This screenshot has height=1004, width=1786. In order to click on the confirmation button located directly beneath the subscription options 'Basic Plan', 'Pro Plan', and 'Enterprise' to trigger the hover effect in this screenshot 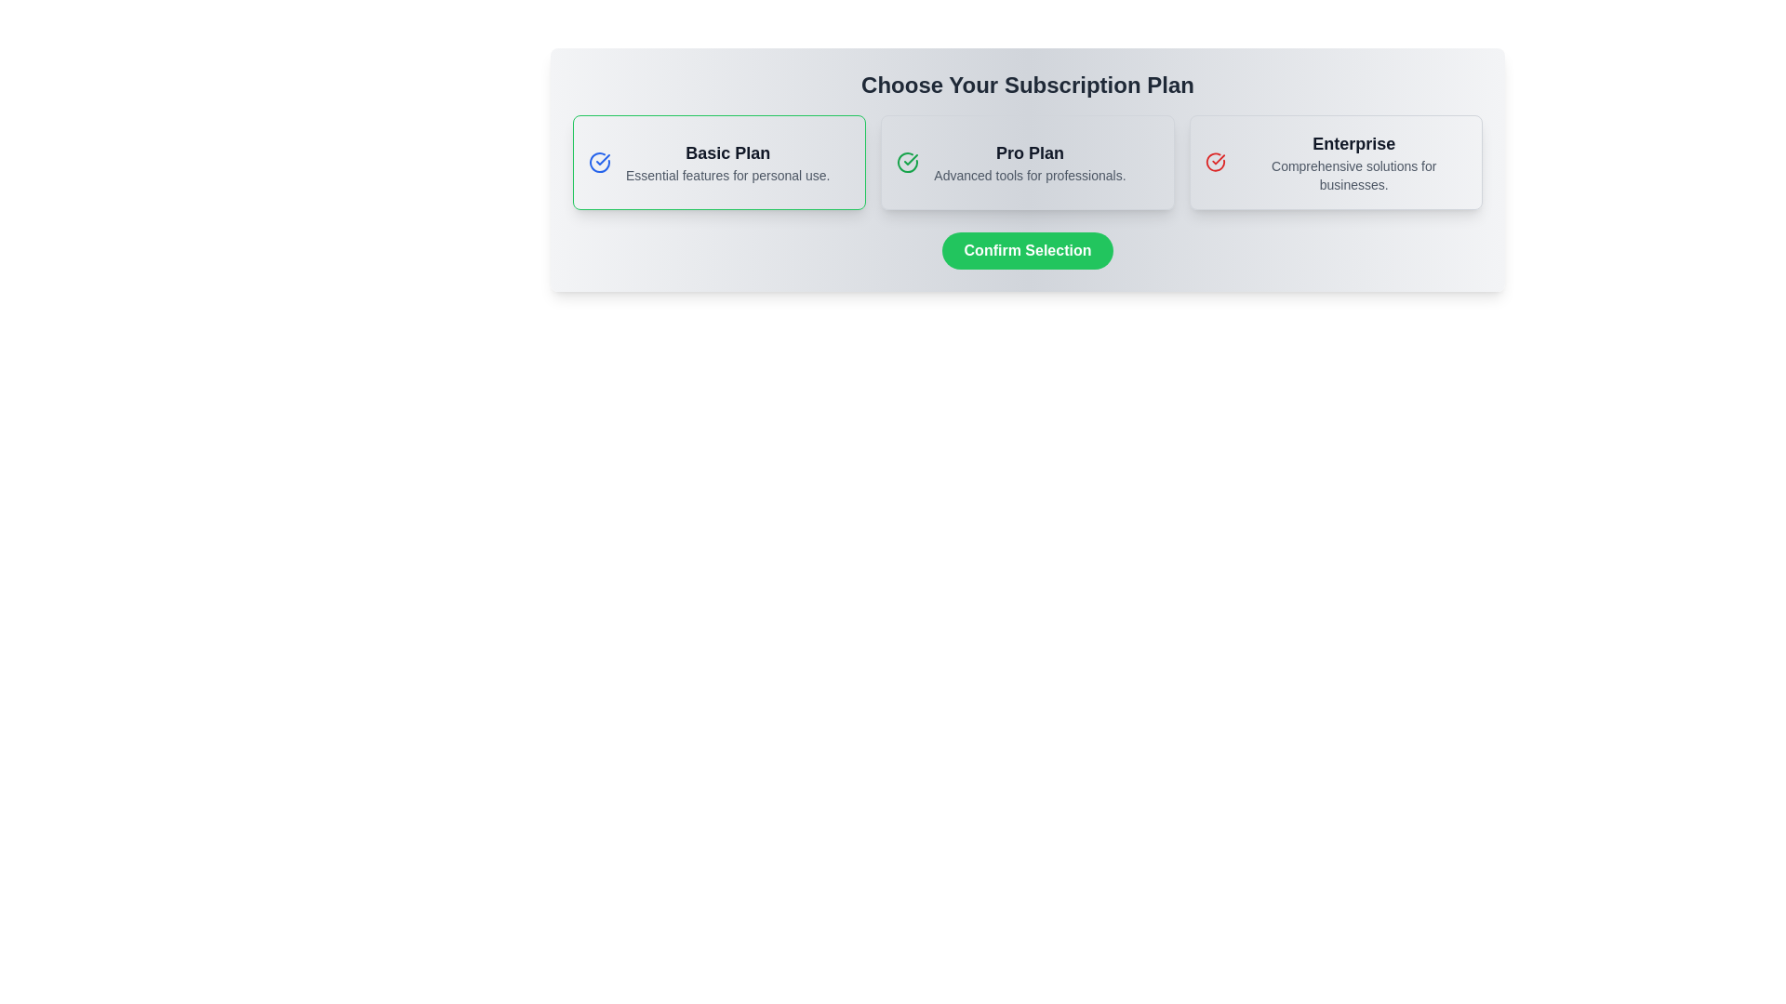, I will do `click(1026, 251)`.